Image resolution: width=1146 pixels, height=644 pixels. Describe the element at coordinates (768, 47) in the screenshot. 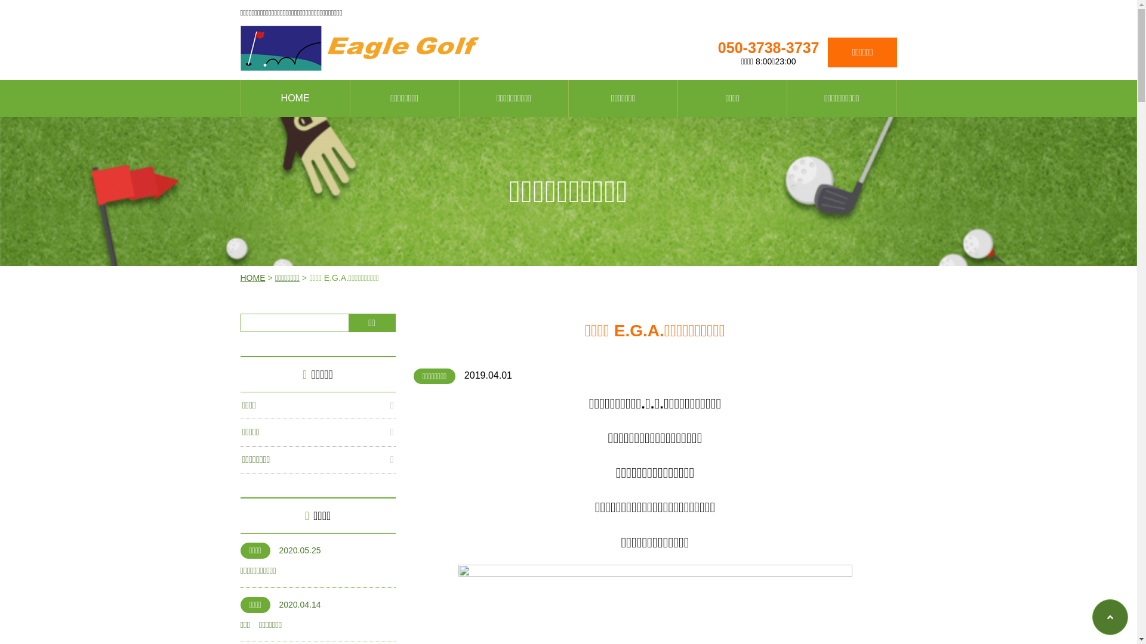

I see `'050-3738-3737'` at that location.